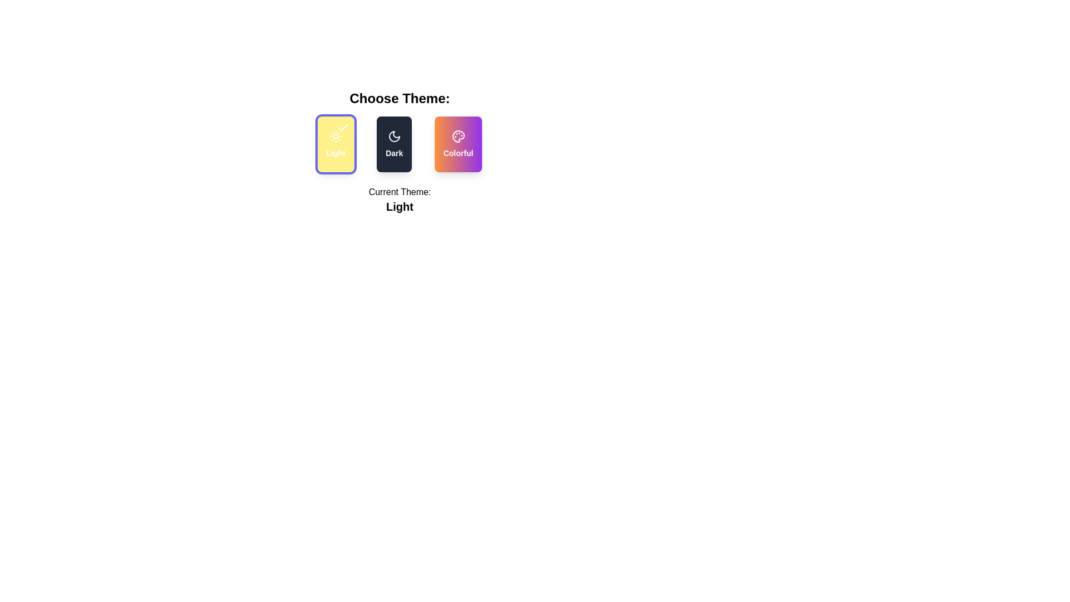 The width and height of the screenshot is (1070, 602). I want to click on the 'Light' theme button to observe its visual feedback, so click(334, 143).